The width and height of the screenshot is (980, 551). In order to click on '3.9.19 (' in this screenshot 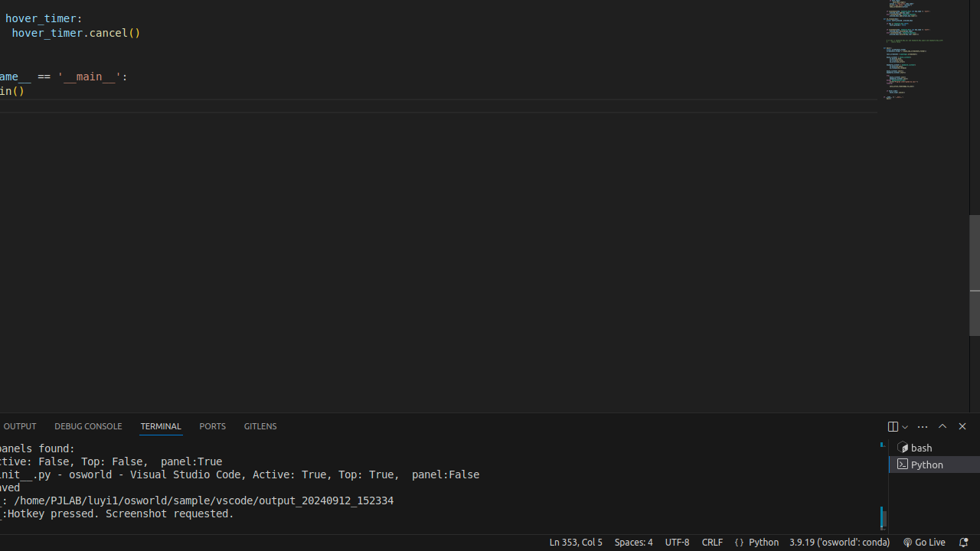, I will do `click(838, 541)`.